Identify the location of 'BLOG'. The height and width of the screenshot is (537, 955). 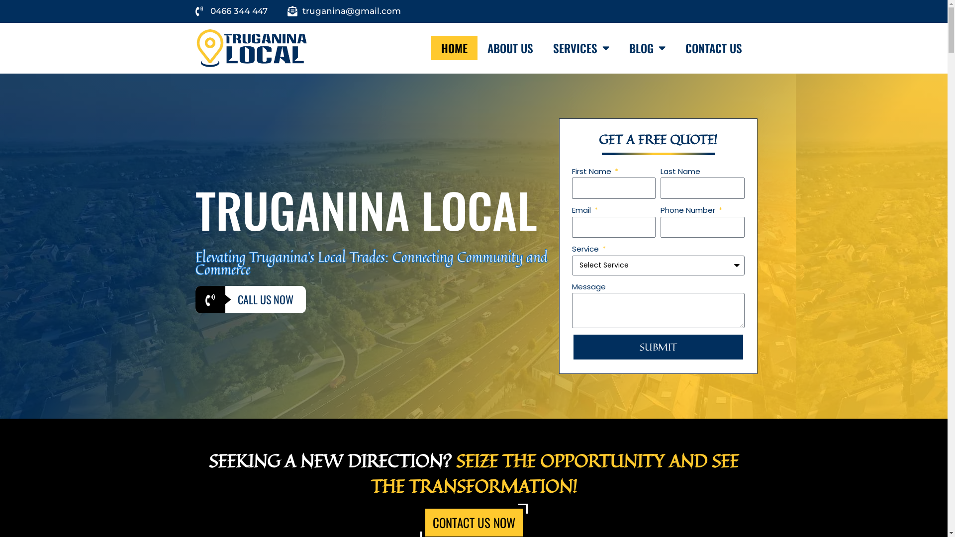
(647, 48).